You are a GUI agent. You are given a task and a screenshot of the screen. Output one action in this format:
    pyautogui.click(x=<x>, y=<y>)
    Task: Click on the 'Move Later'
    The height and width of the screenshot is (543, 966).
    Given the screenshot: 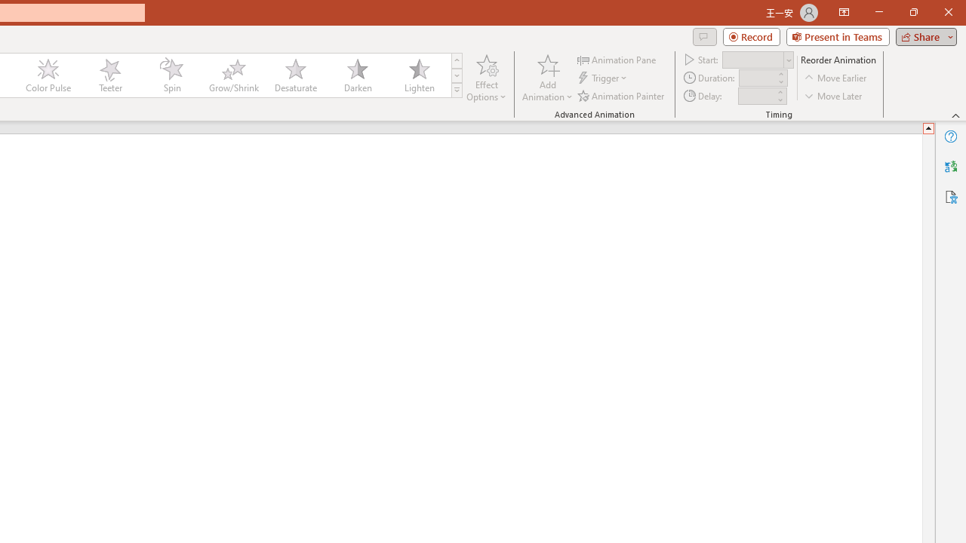 What is the action you would take?
    pyautogui.click(x=833, y=96)
    